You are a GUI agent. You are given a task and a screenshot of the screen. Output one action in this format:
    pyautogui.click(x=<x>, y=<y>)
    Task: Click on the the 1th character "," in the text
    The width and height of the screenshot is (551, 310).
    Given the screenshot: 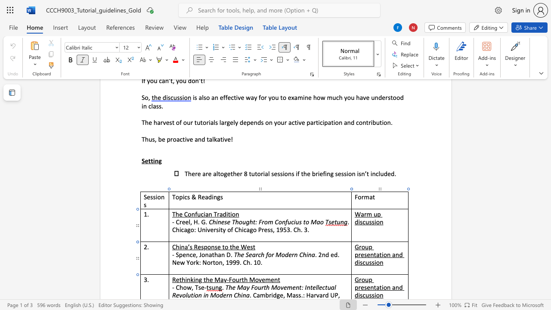 What is the action you would take?
    pyautogui.click(x=192, y=287)
    